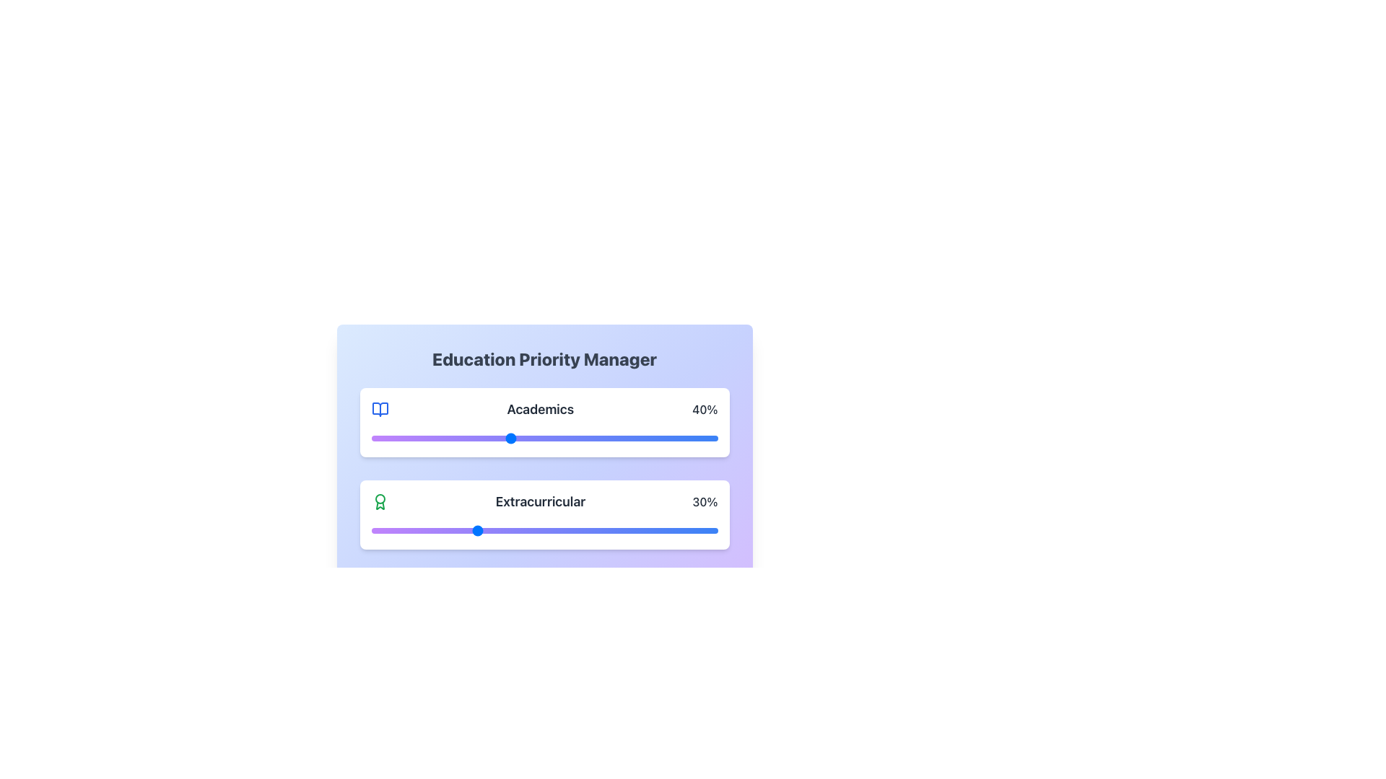 The width and height of the screenshot is (1386, 779). What do you see at coordinates (544, 501) in the screenshot?
I see `the 'Extracurricular' composite display element, which includes an icon, label, and percentage value, positioned beneath 'Academics 40%' and above a range slider` at bounding box center [544, 501].